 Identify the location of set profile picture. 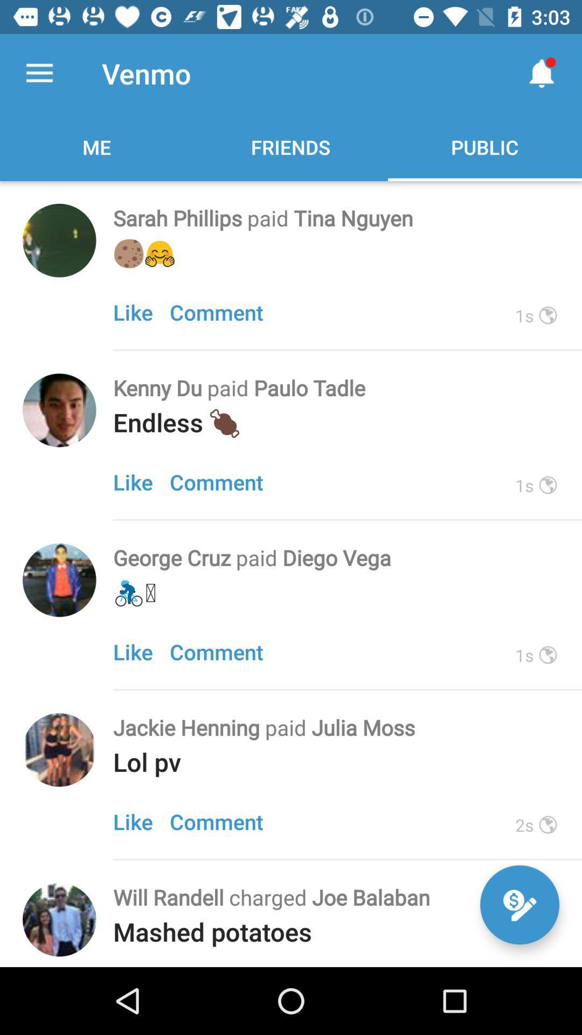
(59, 240).